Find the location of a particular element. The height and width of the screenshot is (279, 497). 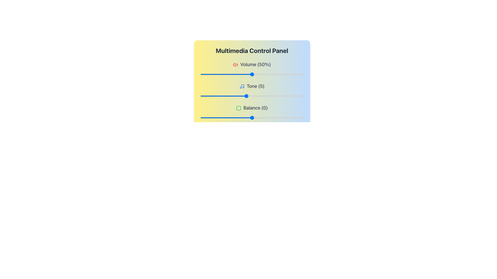

balance is located at coordinates (201, 118).